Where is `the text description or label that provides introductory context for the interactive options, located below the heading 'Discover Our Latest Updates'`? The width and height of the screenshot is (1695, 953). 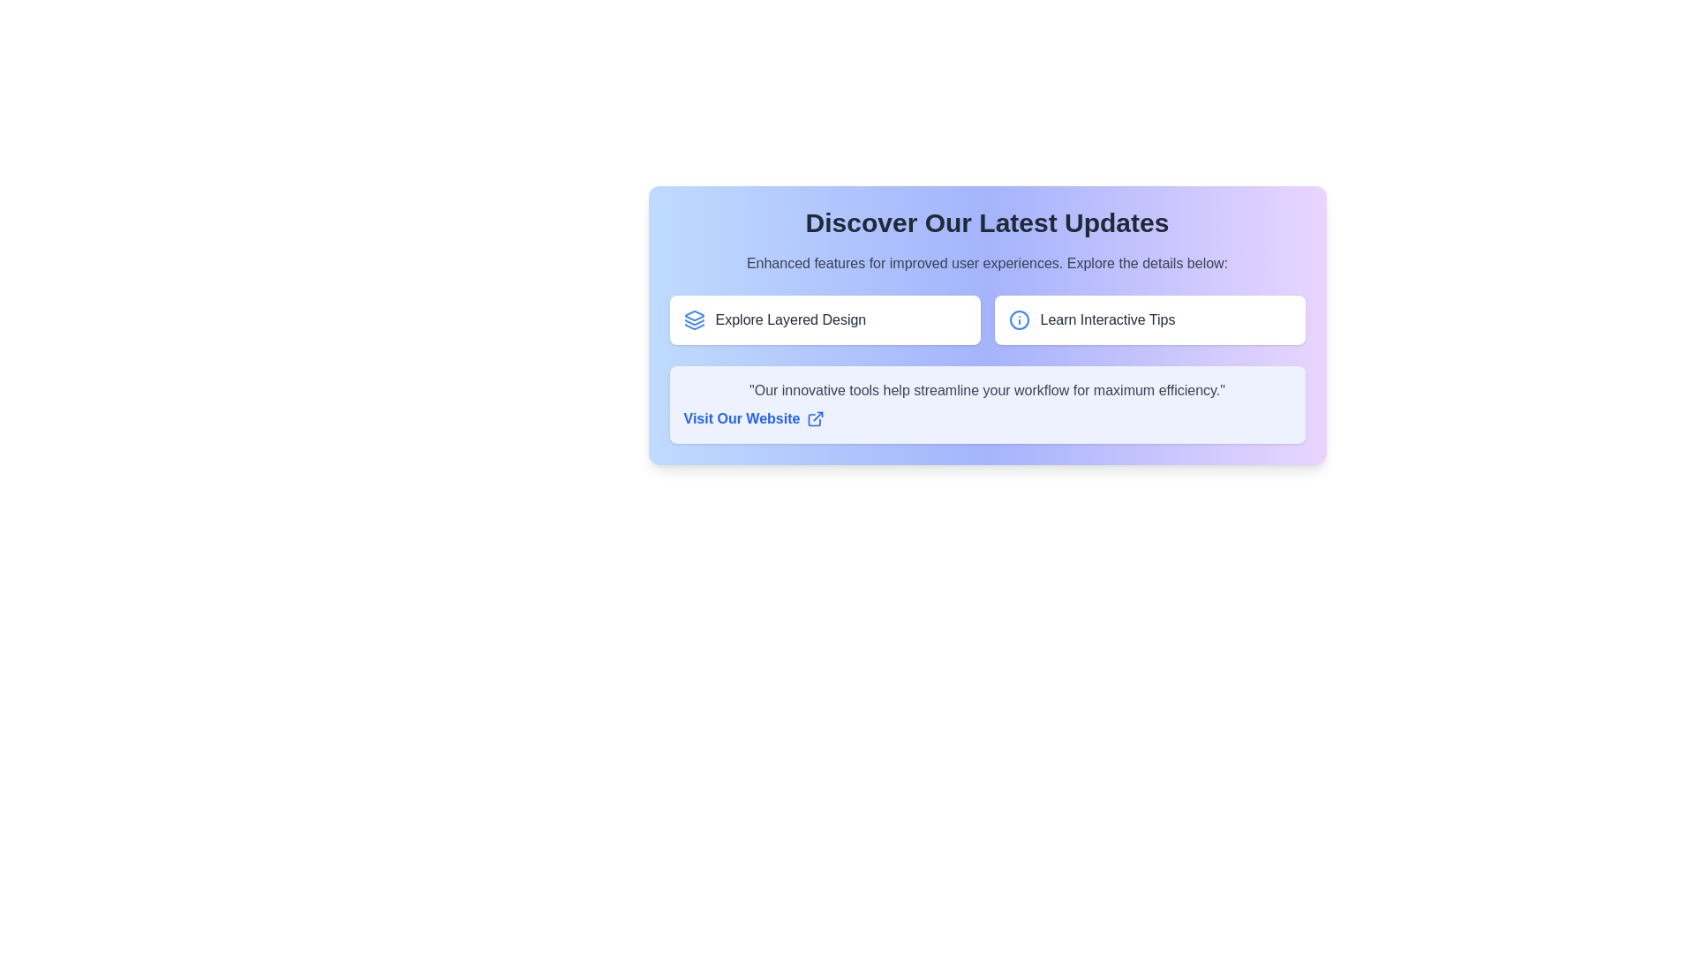
the text description or label that provides introductory context for the interactive options, located below the heading 'Discover Our Latest Updates' is located at coordinates (986, 264).